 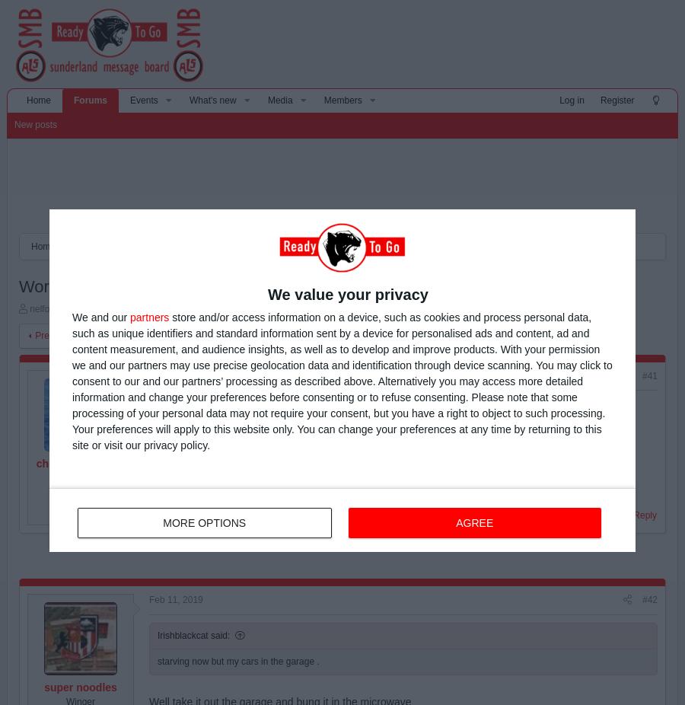 I want to click on 'Sunderland Message Boards', so click(x=171, y=247).